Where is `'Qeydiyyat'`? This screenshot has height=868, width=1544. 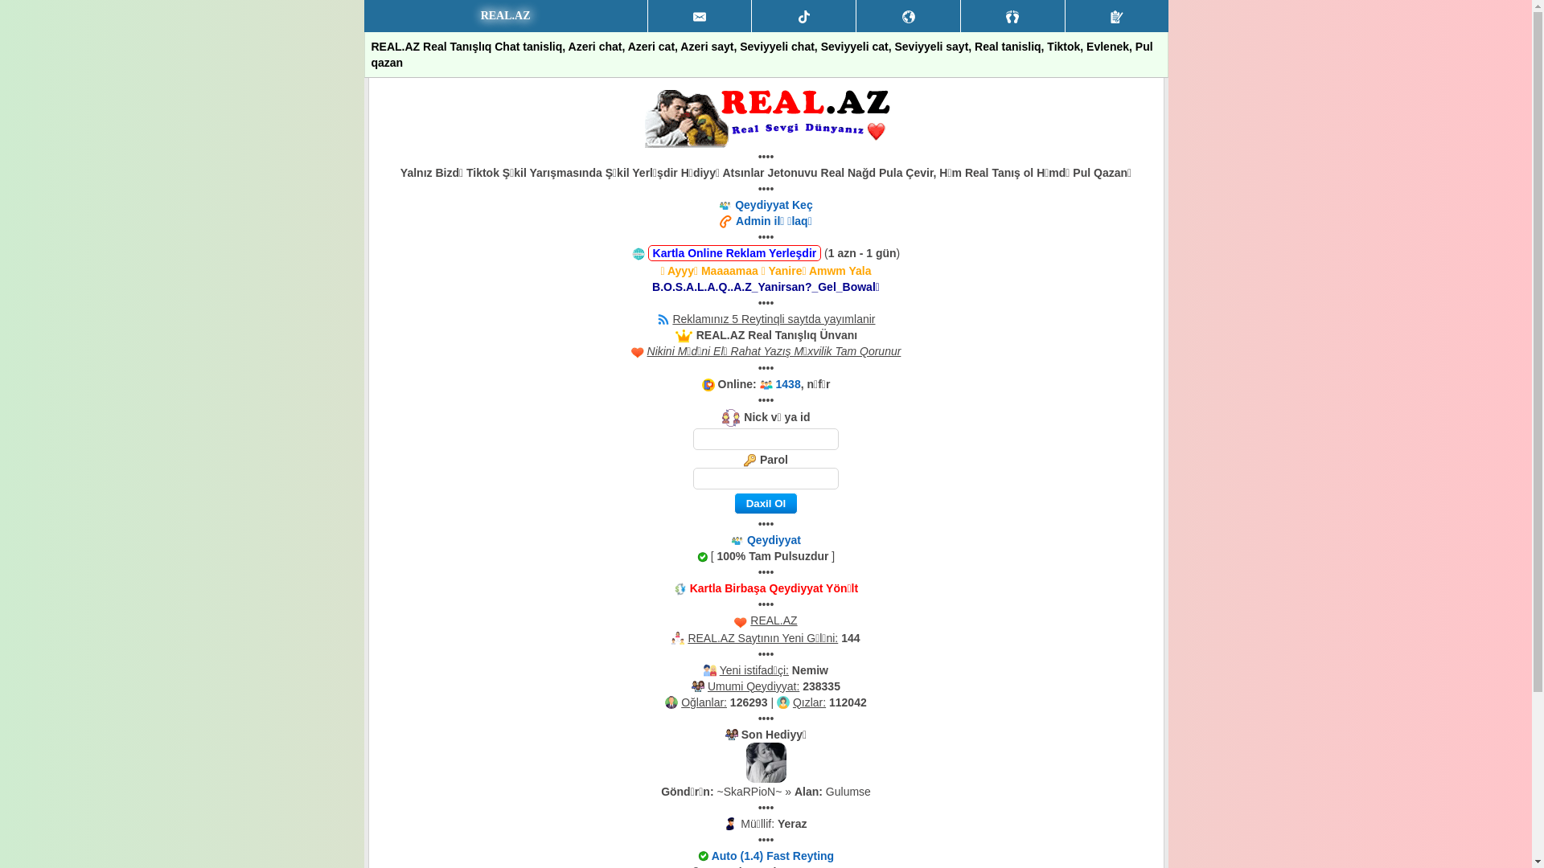 'Qeydiyyat' is located at coordinates (774, 539).